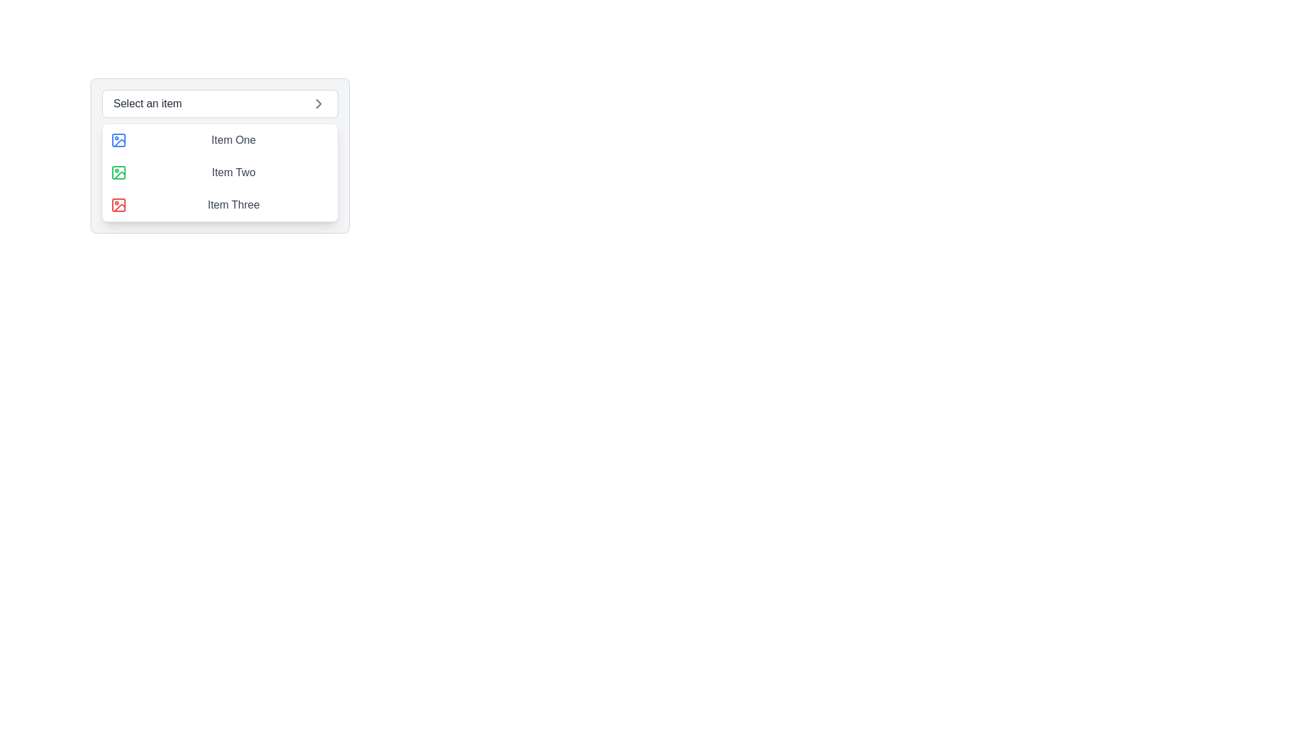 The width and height of the screenshot is (1297, 729). What do you see at coordinates (317, 103) in the screenshot?
I see `the rightward chevron icon, which is part of the dropdown selection box labeled 'Select an item'` at bounding box center [317, 103].